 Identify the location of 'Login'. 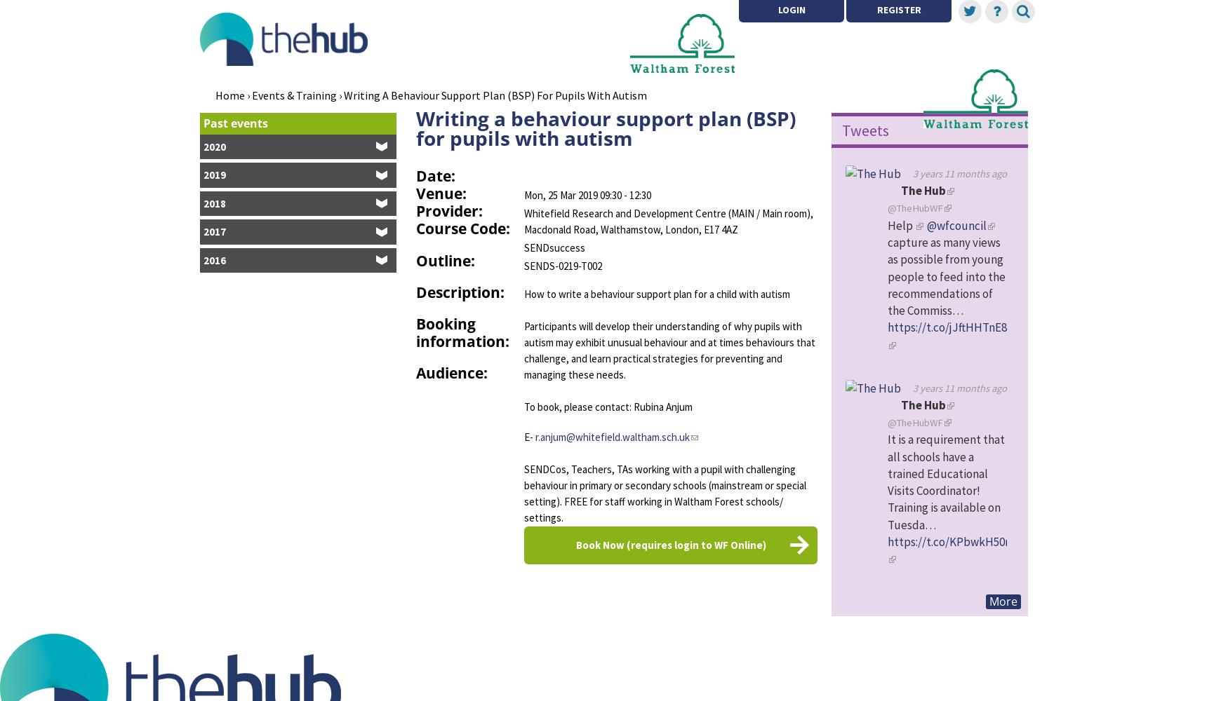
(777, 10).